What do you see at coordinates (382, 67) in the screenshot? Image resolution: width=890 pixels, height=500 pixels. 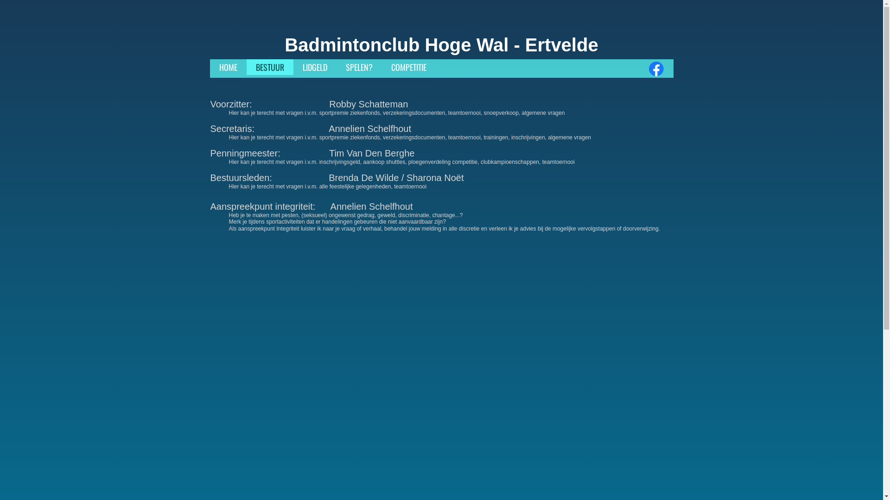 I see `'COMPETITIE'` at bounding box center [382, 67].